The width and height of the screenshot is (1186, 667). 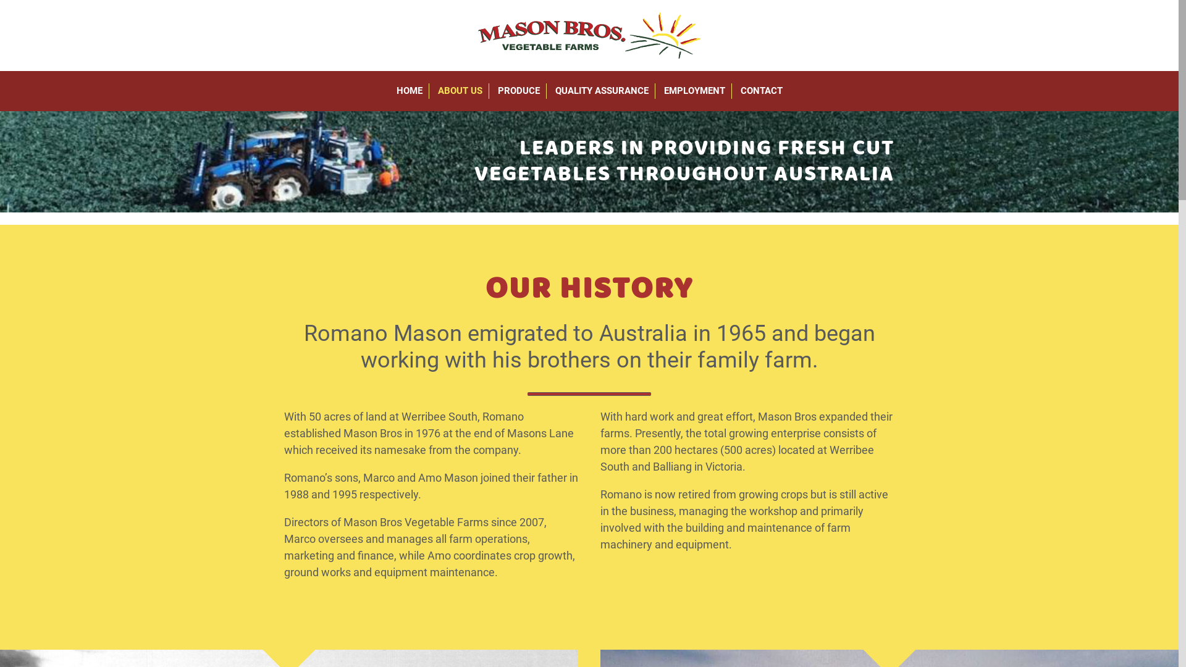 I want to click on 'HOME', so click(x=390, y=90).